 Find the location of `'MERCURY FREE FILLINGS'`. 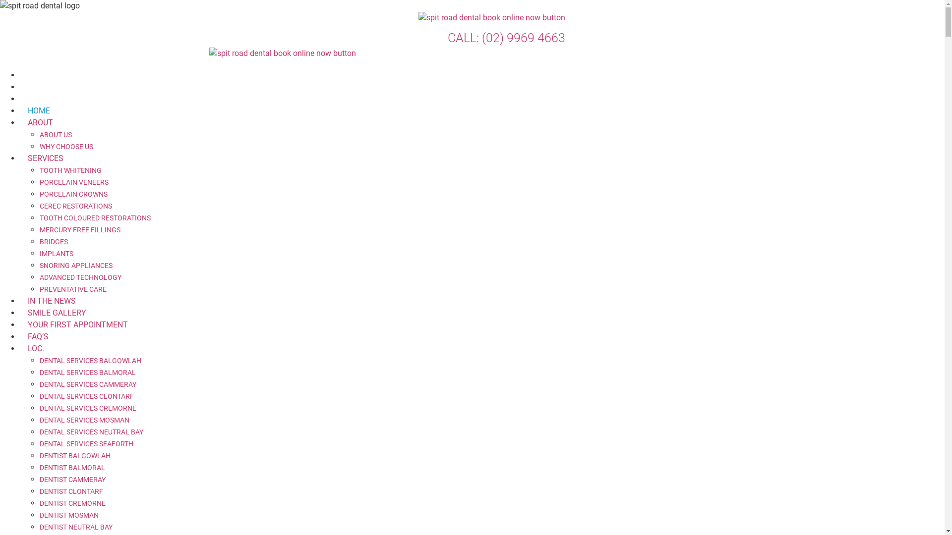

'MERCURY FREE FILLINGS' is located at coordinates (80, 229).